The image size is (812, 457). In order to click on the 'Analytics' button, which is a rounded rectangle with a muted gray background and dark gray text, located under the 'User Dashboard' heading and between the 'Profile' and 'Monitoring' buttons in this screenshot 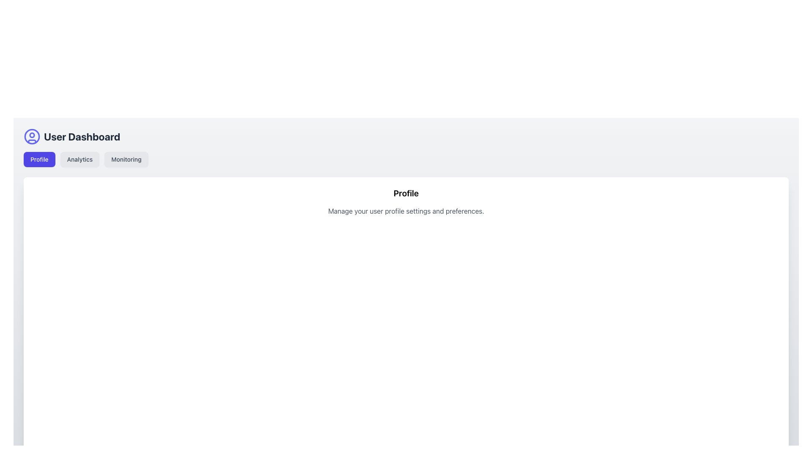, I will do `click(80, 160)`.